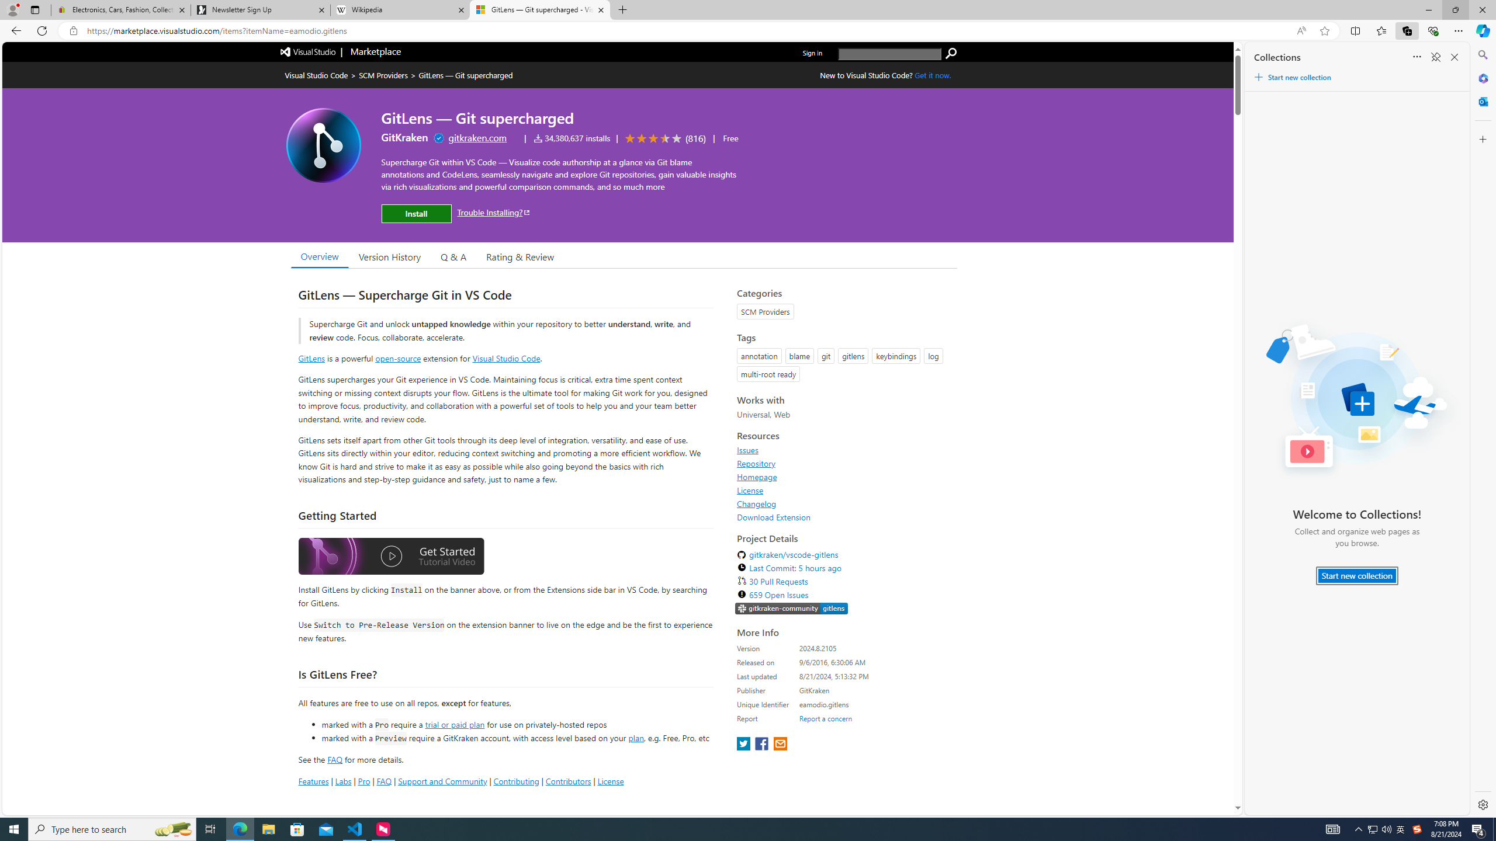 This screenshot has height=841, width=1496. What do you see at coordinates (1454, 56) in the screenshot?
I see `'Close Collections'` at bounding box center [1454, 56].